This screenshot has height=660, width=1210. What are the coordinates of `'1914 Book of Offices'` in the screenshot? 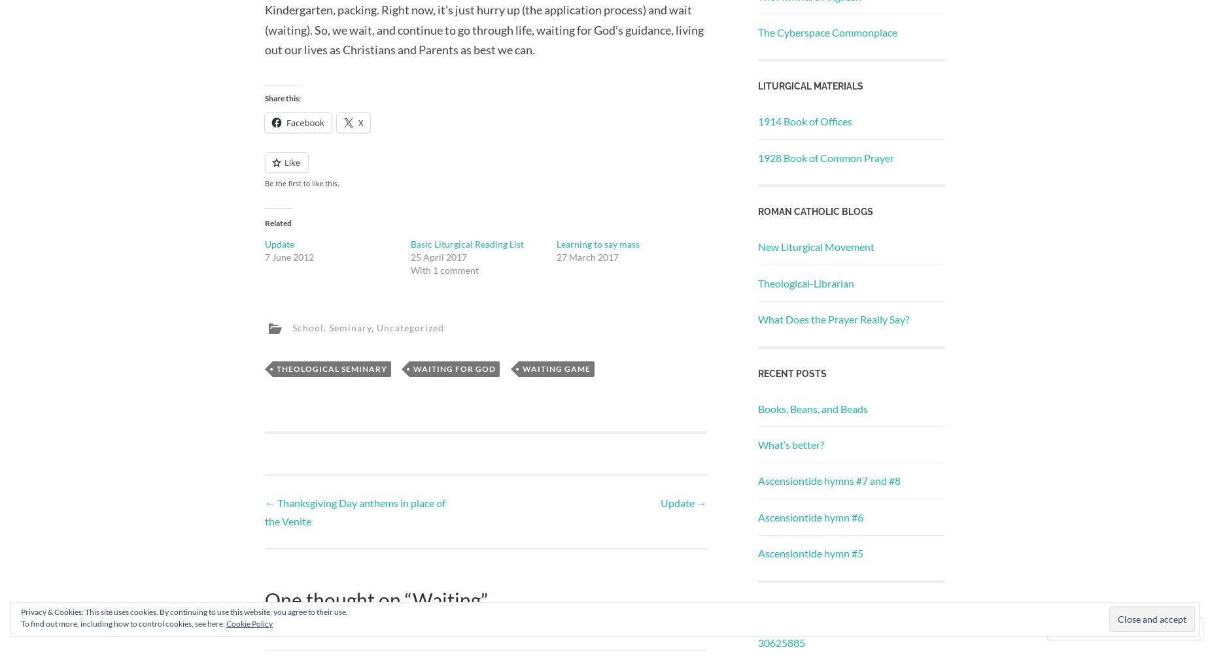 It's located at (804, 120).